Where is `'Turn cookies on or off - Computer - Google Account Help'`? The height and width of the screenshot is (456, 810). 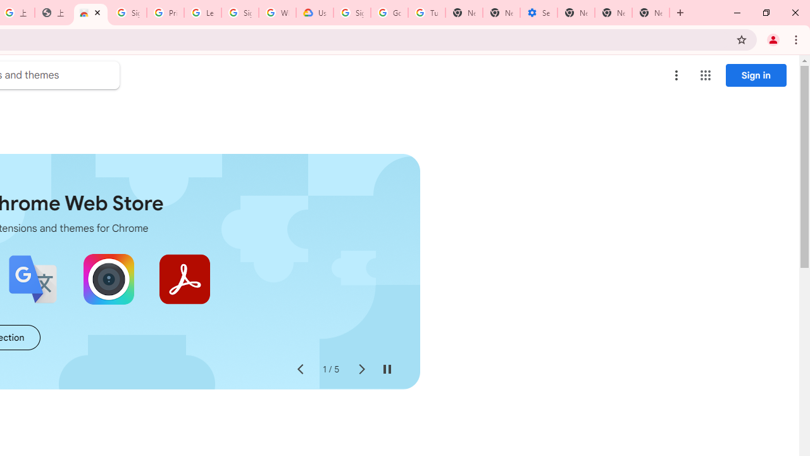 'Turn cookies on or off - Computer - Google Account Help' is located at coordinates (427, 13).